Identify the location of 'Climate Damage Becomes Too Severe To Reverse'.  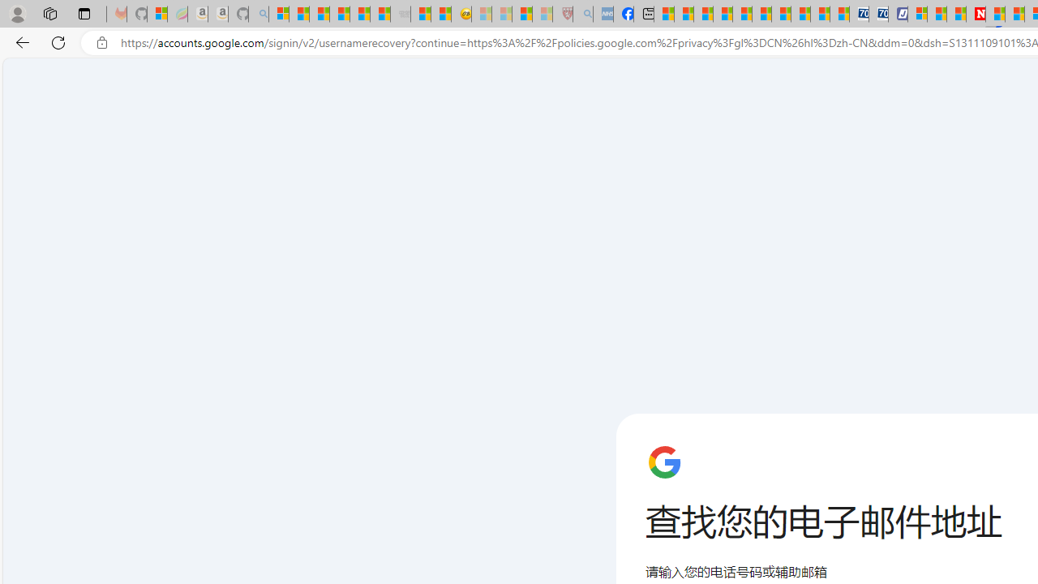
(721, 14).